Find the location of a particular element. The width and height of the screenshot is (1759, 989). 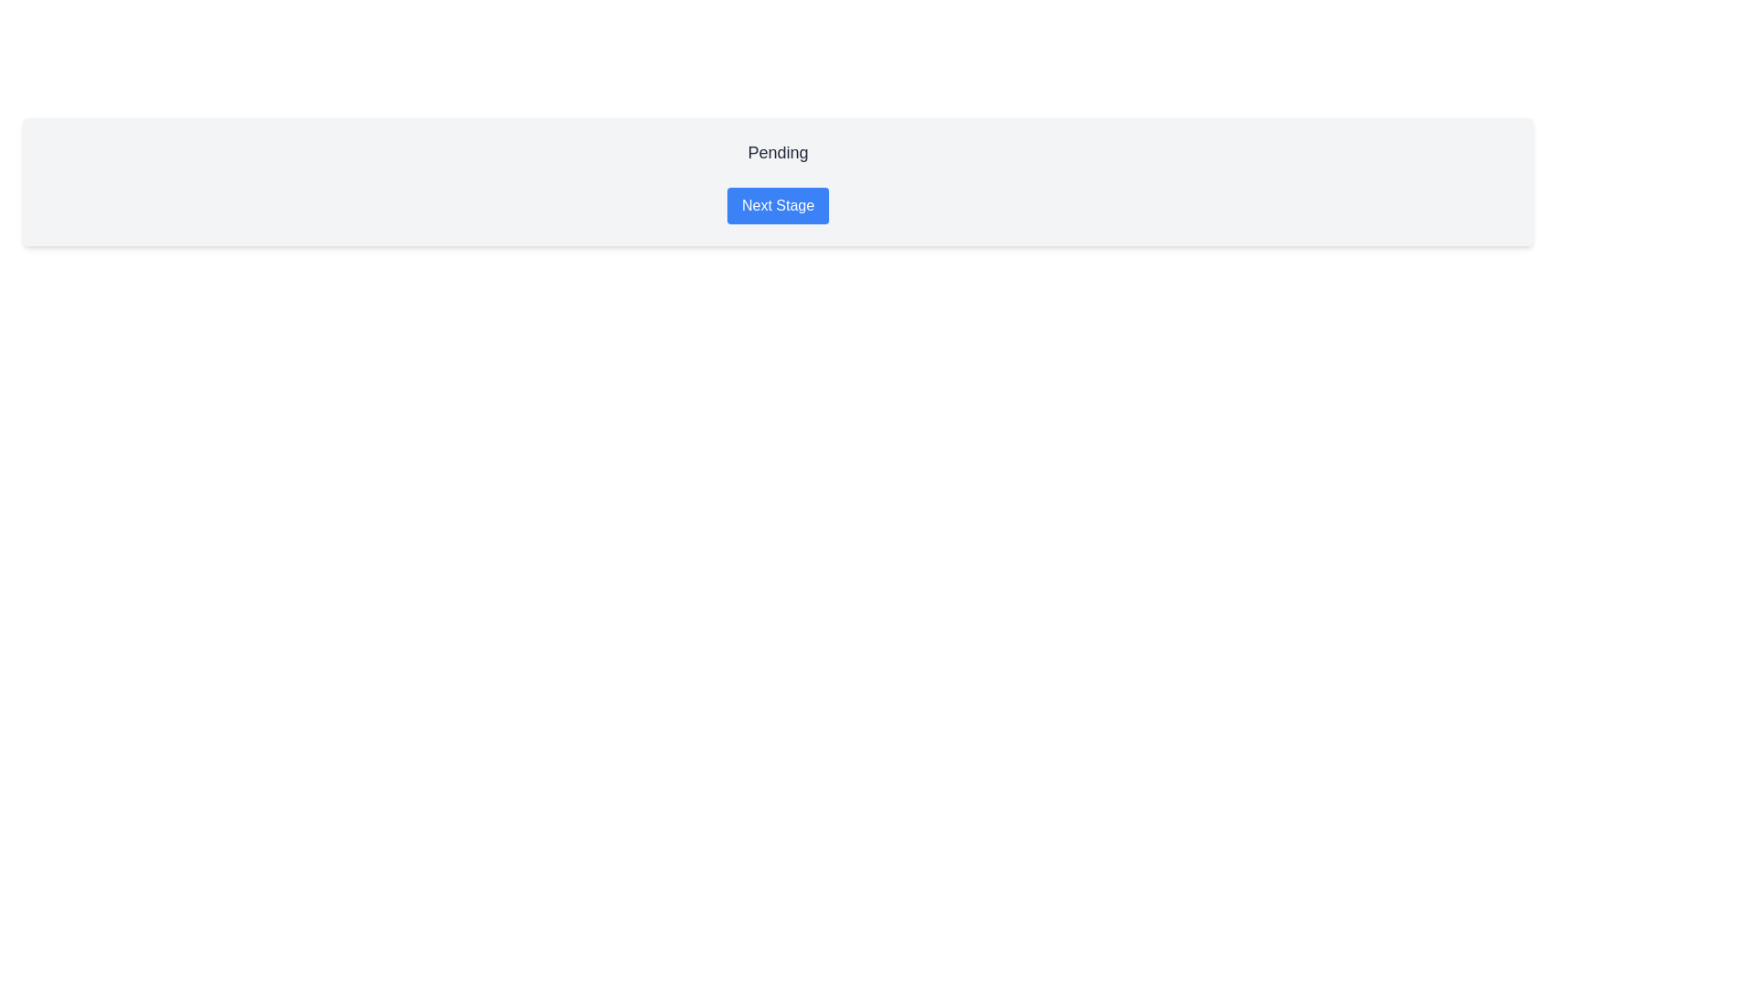

the rectangular button with a blue background and white text that says 'Next Stage' is located at coordinates (778, 205).